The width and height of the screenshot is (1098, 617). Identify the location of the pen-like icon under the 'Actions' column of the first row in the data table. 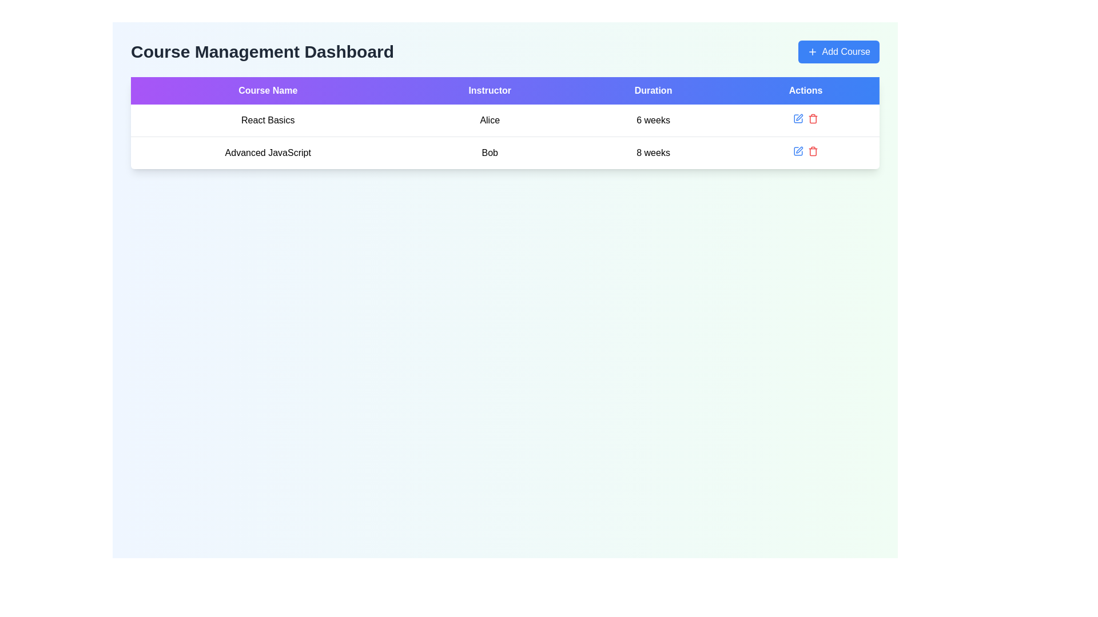
(798, 117).